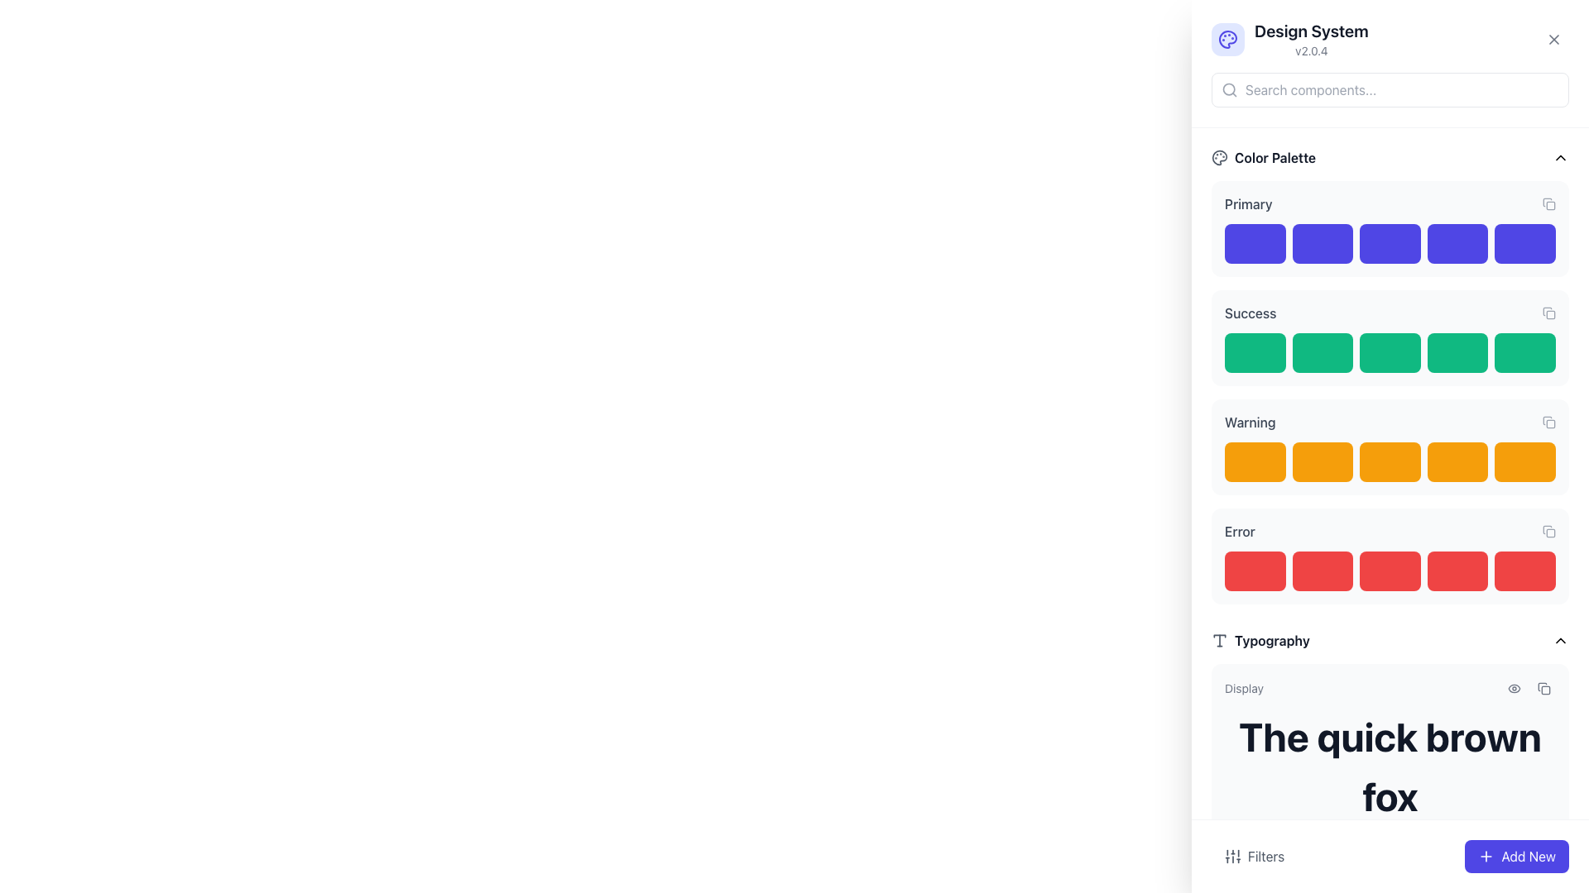  What do you see at coordinates (1548, 532) in the screenshot?
I see `the duplication icon button located on the far right side of the 'Error' section within the color palette group for accessibility actions` at bounding box center [1548, 532].